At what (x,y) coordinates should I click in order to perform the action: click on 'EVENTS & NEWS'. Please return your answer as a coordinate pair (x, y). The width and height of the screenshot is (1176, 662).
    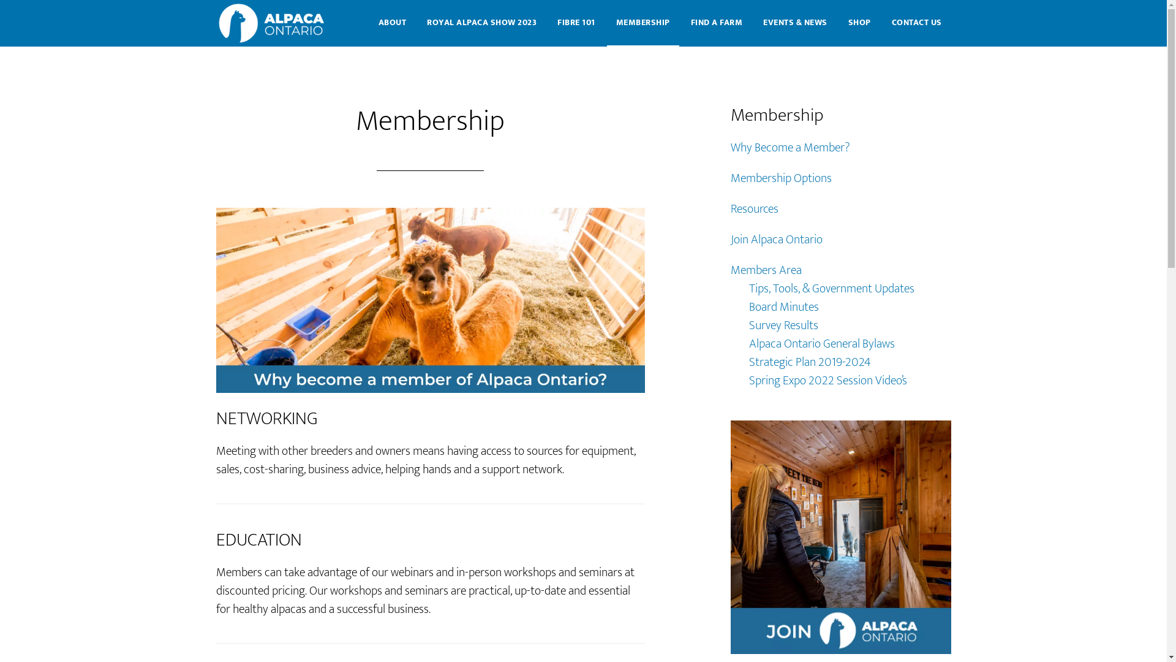
    Looking at the image, I should click on (795, 23).